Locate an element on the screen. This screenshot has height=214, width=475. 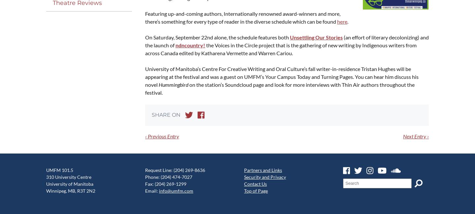
'On Sat­ur­day, Sep­tem­ber' is located at coordinates (173, 37).